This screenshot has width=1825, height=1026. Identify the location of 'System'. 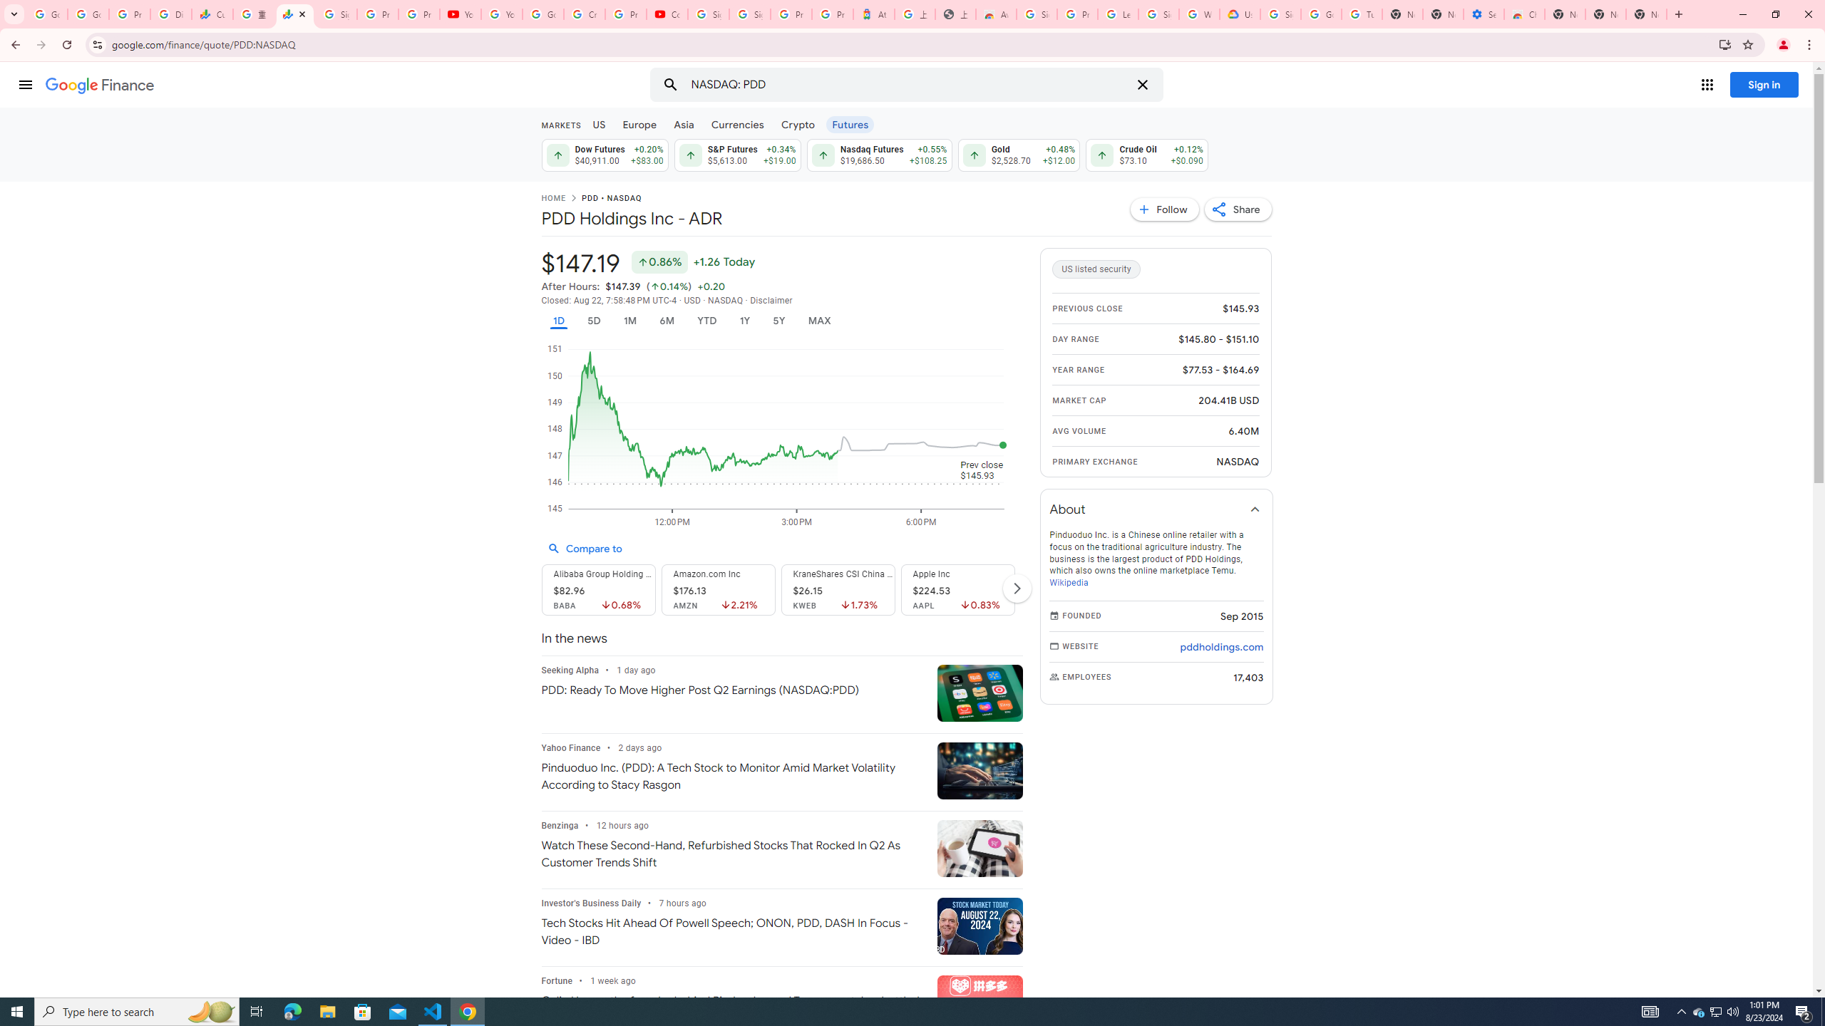
(8, 6).